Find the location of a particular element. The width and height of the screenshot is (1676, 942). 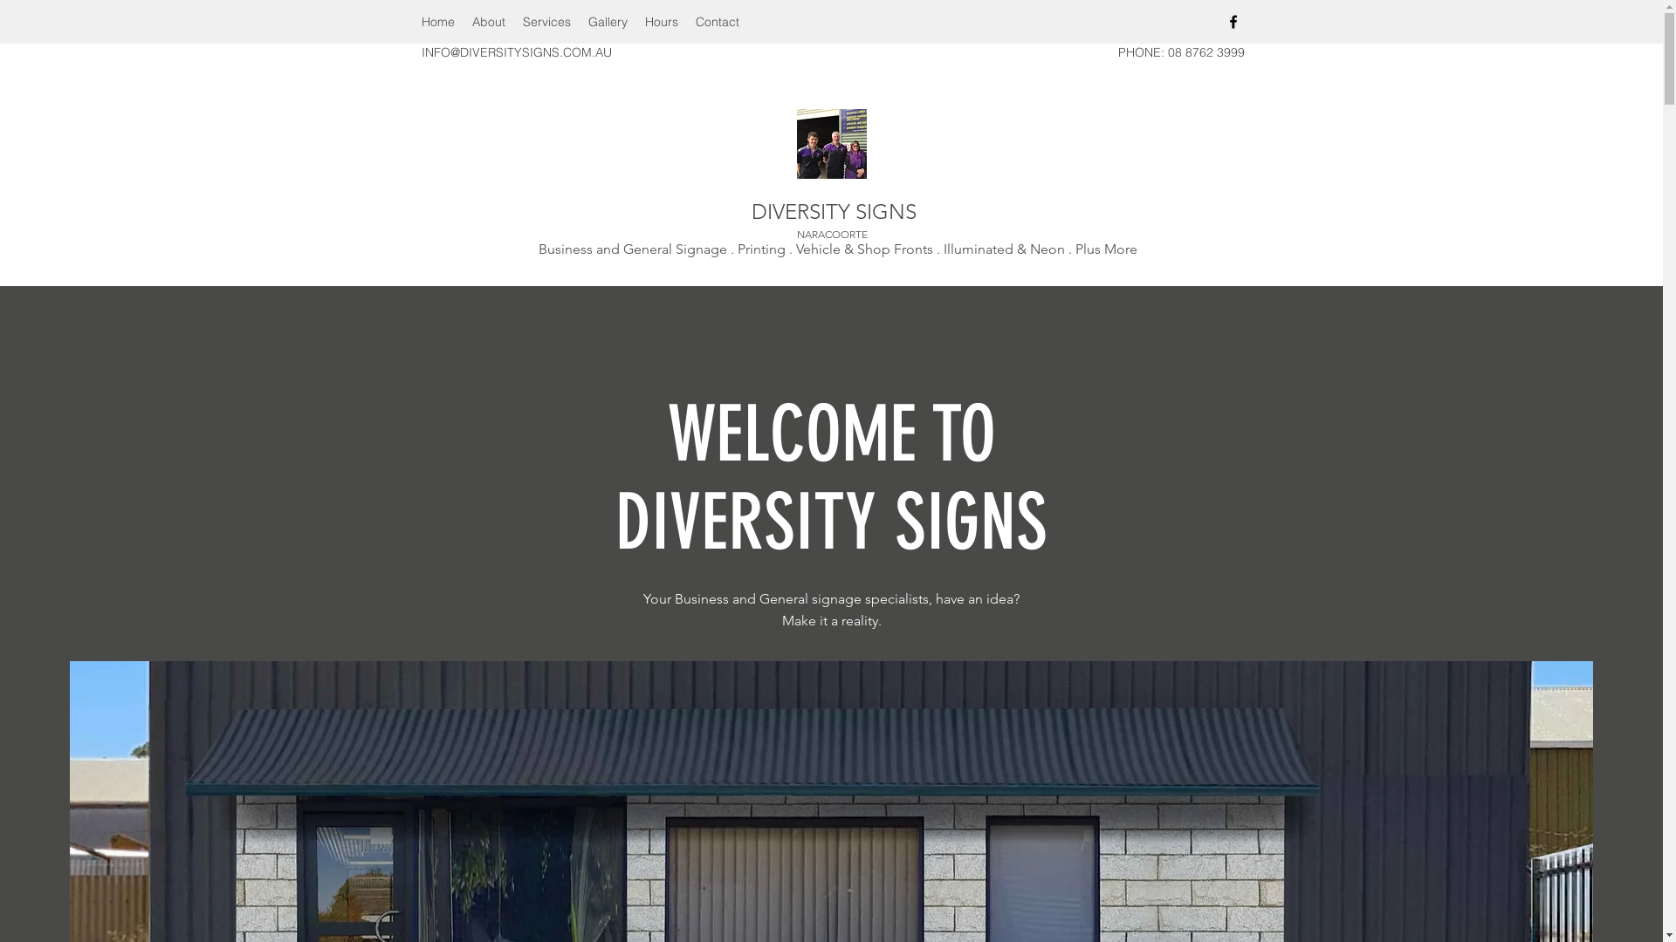

'INFO@DIVERSITYSIGNS.COM.AU' is located at coordinates (420, 51).